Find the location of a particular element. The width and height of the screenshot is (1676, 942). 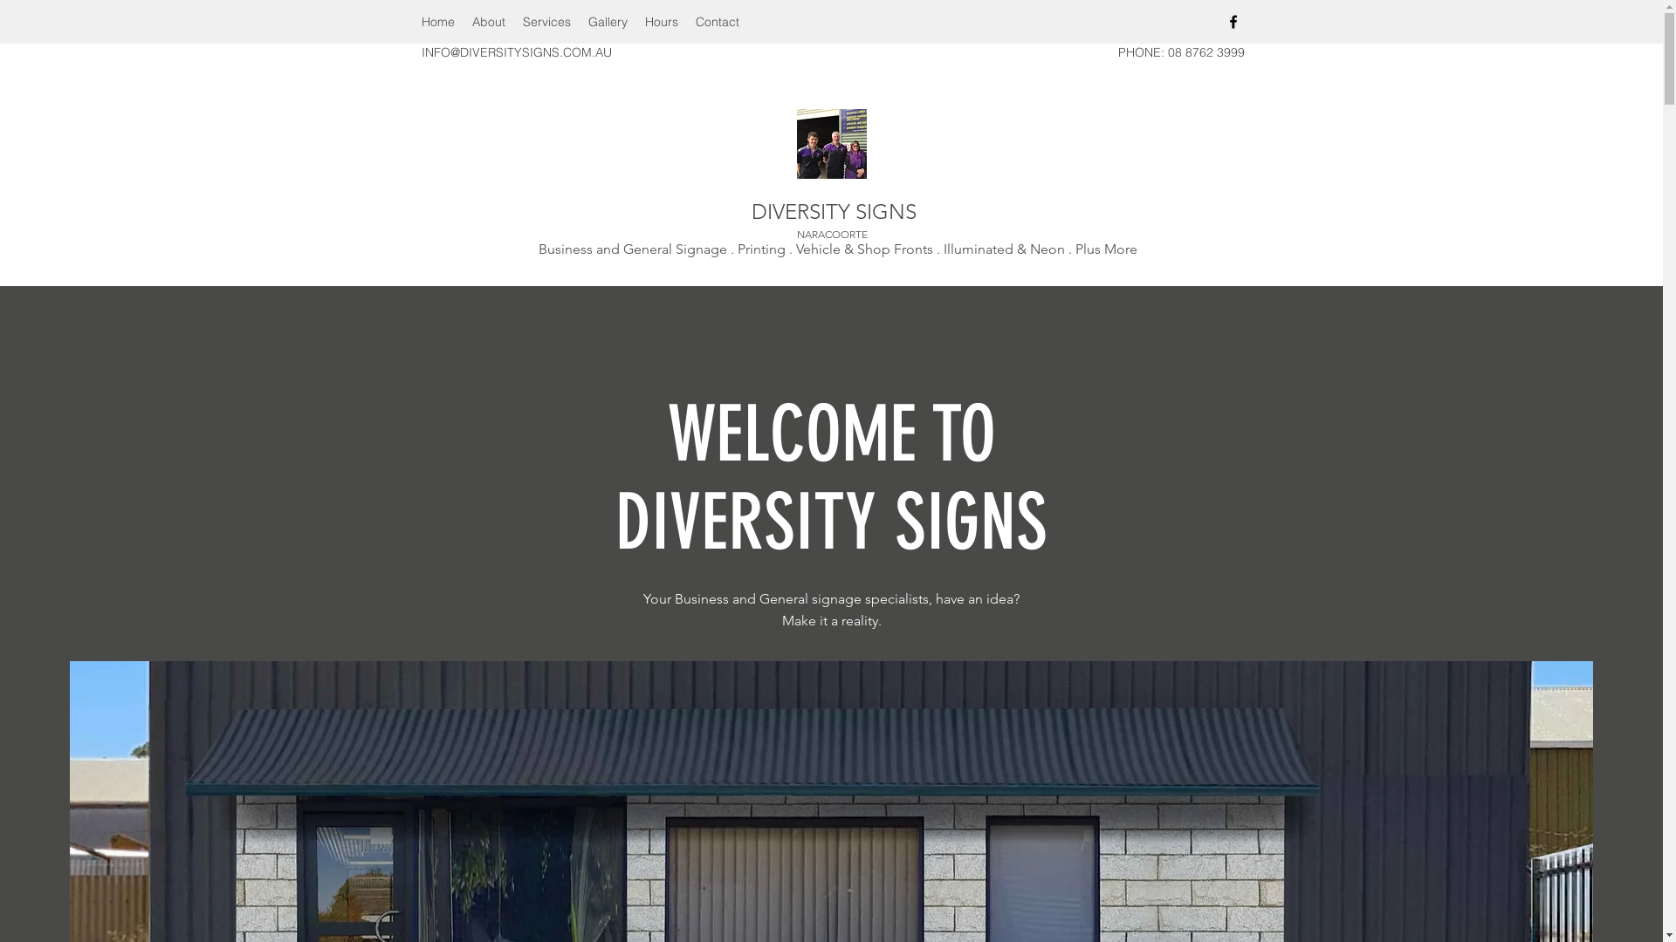

'INFO@DIVERSITYSIGNS.COM.AU' is located at coordinates (420, 51).